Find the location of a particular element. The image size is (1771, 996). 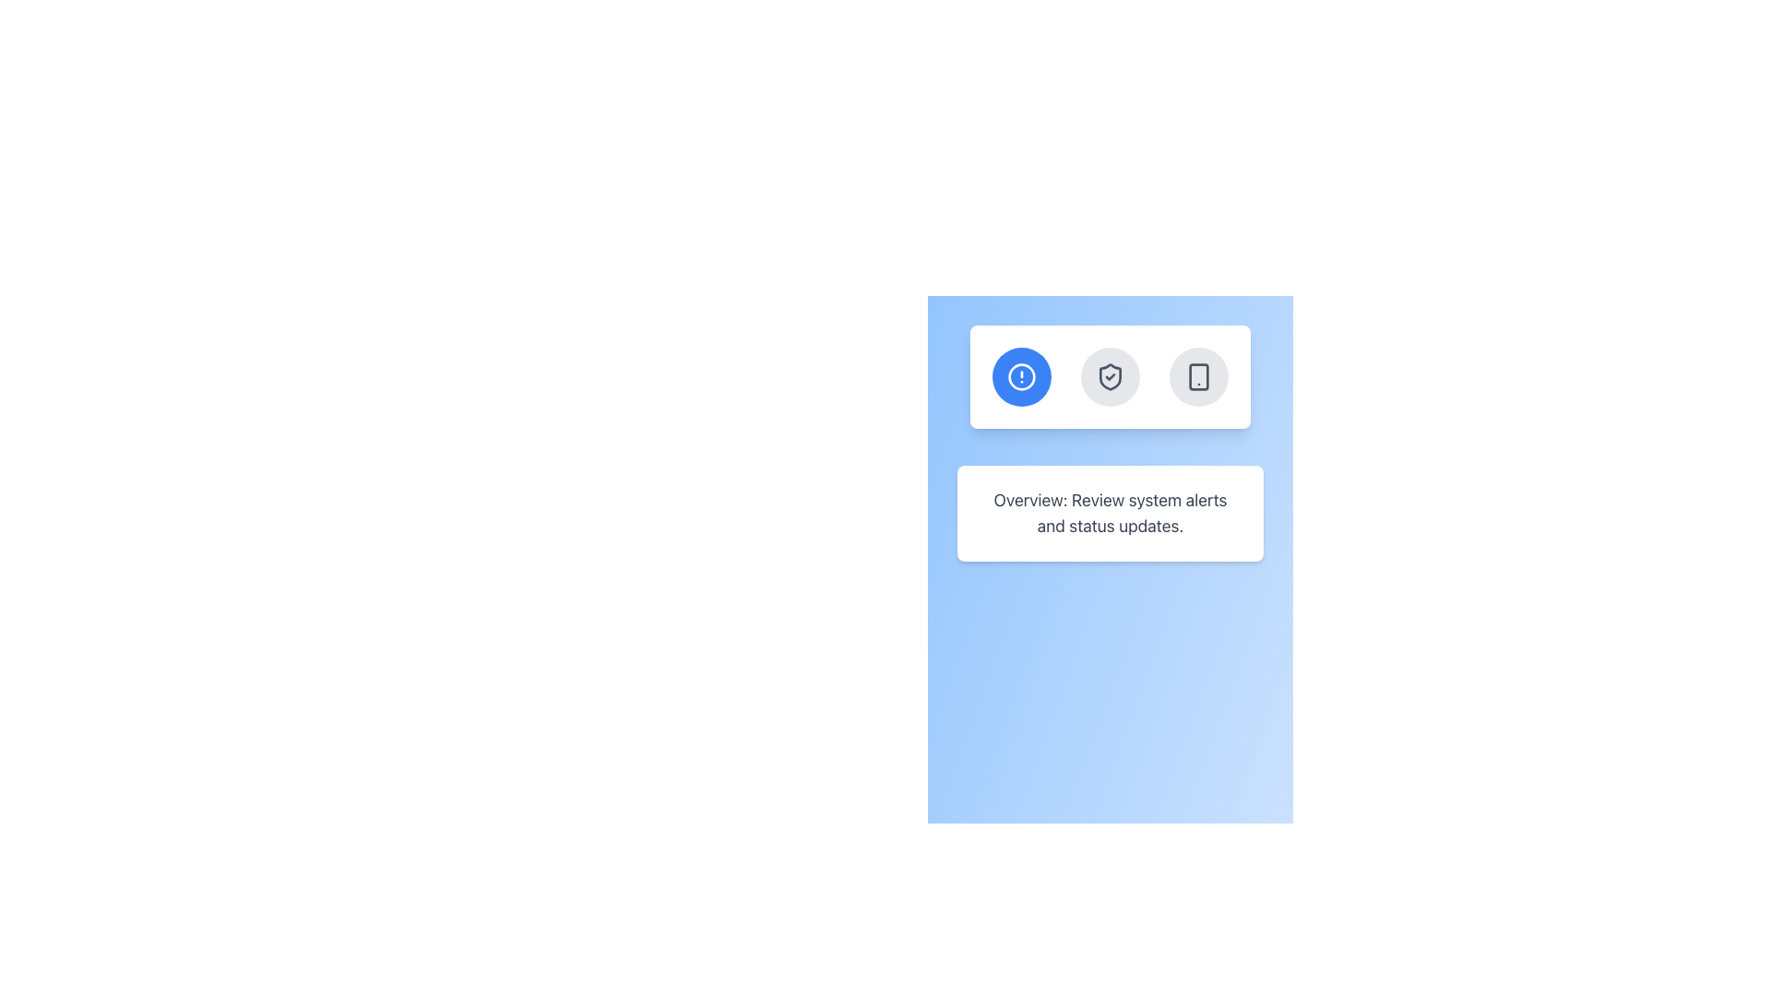

the shield icon with a checkmark, which is the middle icon in a horizontal group of three on a blue panel, to interact with it is located at coordinates (1110, 375).